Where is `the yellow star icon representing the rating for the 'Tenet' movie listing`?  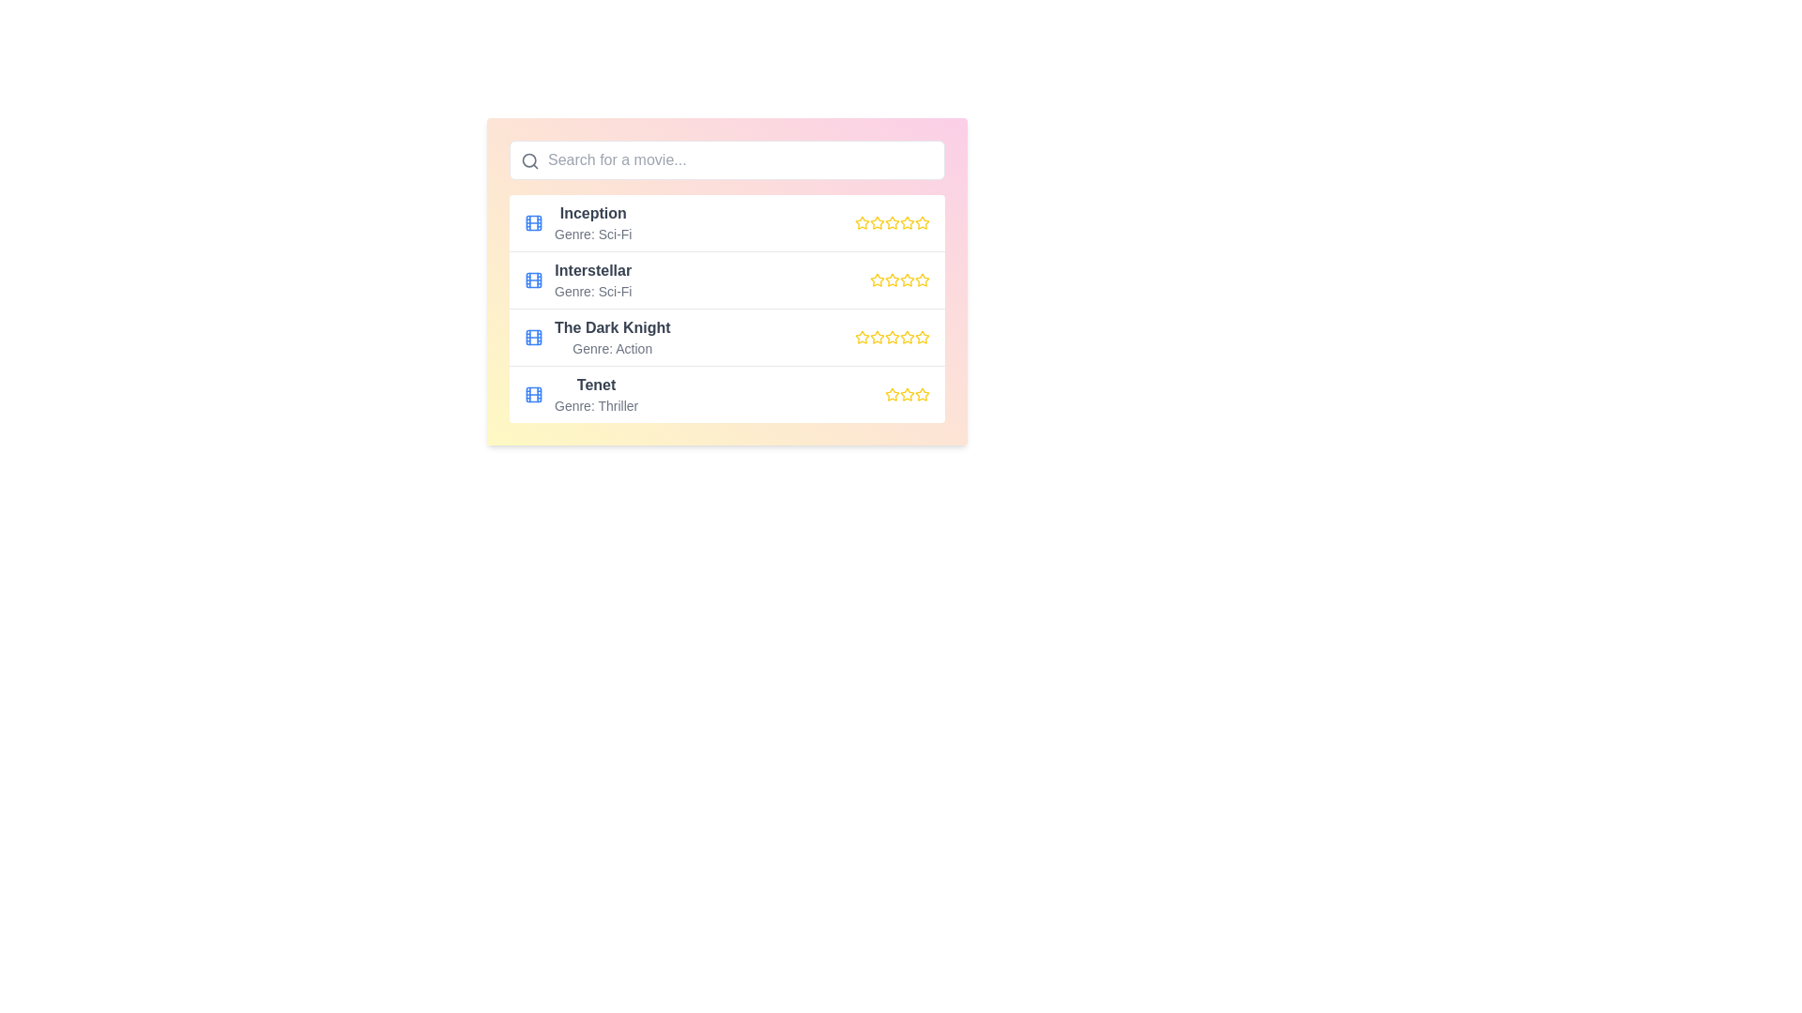 the yellow star icon representing the rating for the 'Tenet' movie listing is located at coordinates (923, 393).